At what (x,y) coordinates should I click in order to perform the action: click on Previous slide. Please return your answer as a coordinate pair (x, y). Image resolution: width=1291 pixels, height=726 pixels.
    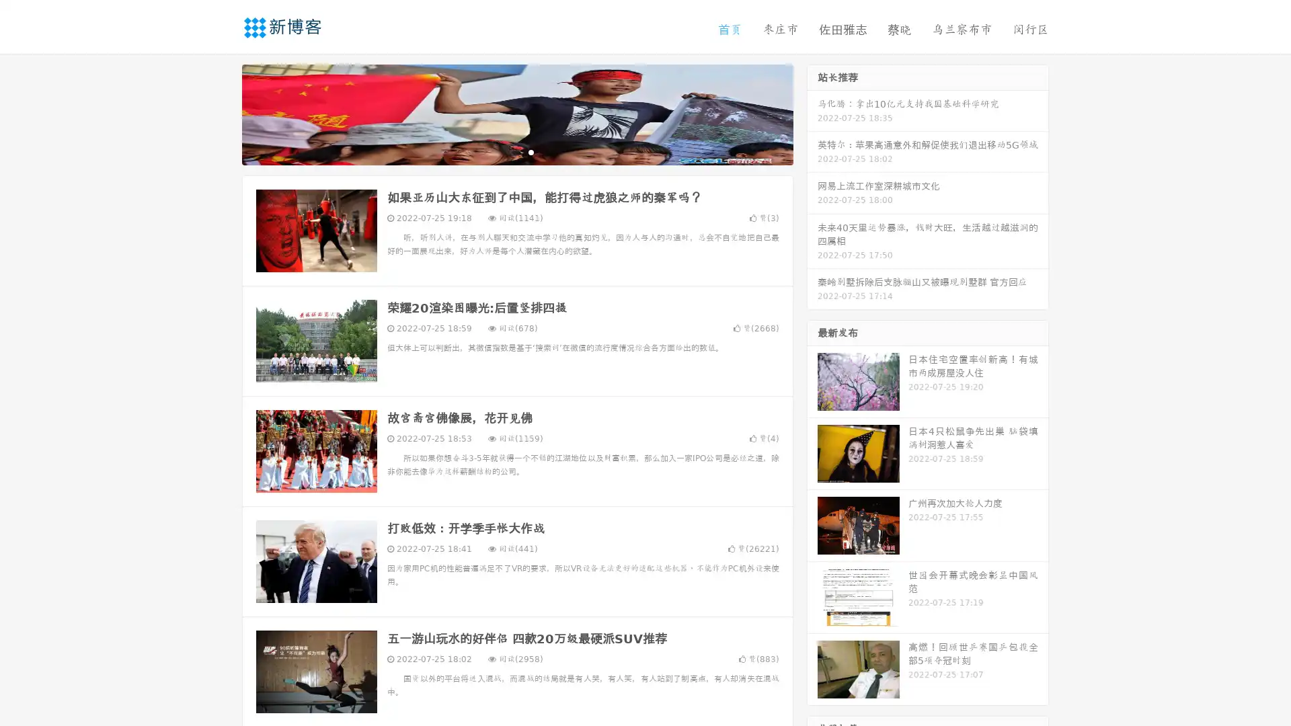
    Looking at the image, I should click on (222, 113).